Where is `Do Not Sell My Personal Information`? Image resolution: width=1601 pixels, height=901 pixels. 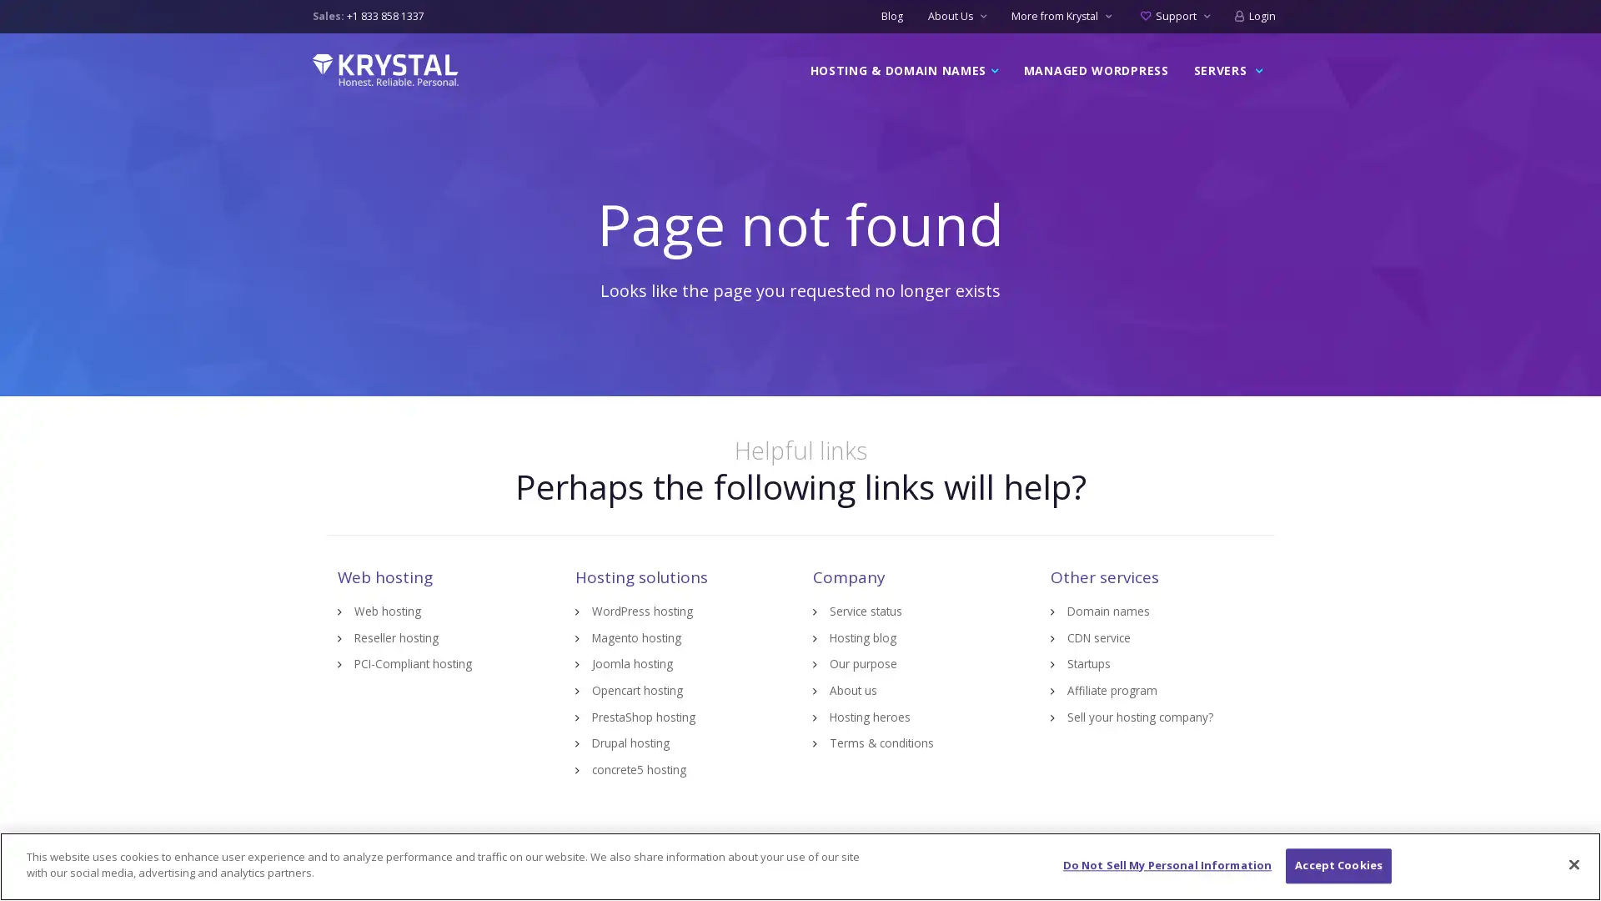 Do Not Sell My Personal Information is located at coordinates (1166, 864).